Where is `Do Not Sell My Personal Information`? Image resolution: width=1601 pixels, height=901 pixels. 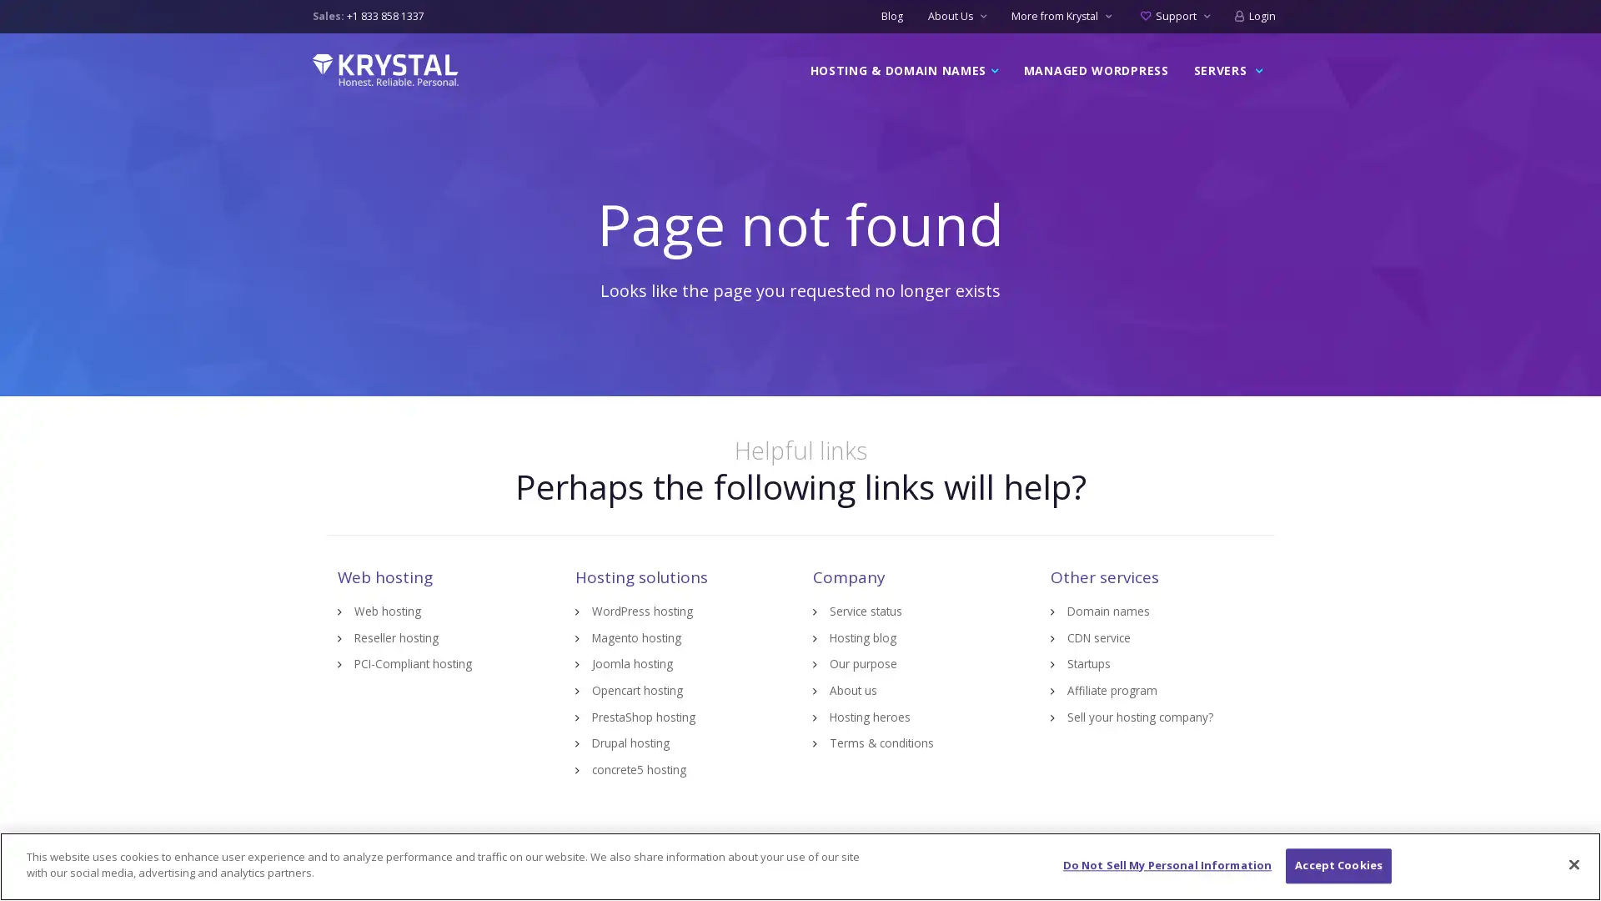 Do Not Sell My Personal Information is located at coordinates (1166, 864).